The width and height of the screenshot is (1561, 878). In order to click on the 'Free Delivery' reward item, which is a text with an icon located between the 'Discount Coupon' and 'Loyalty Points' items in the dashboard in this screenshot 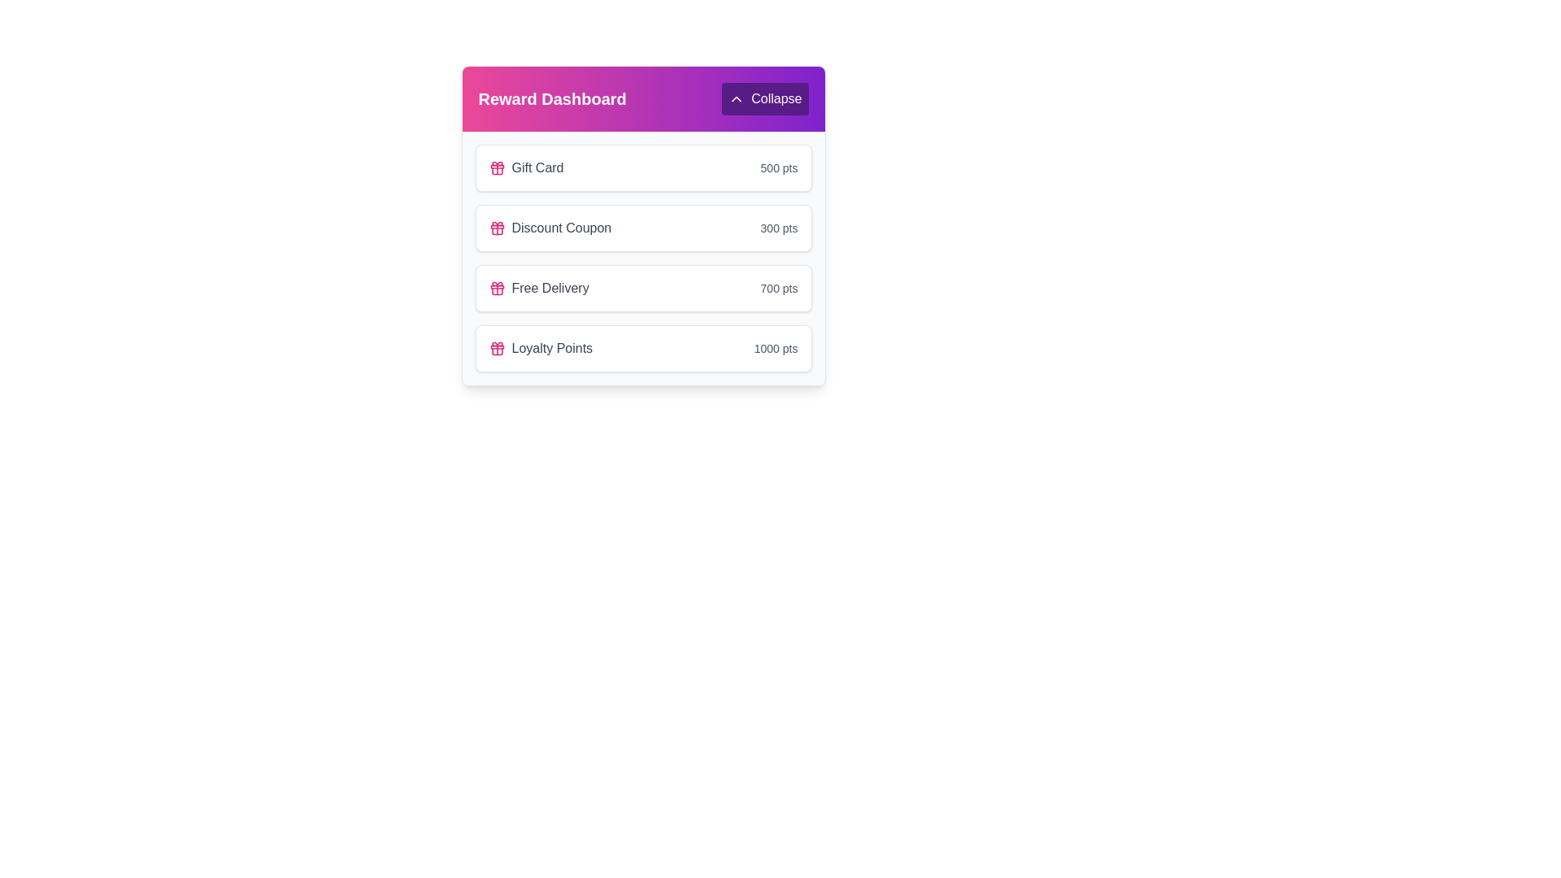, I will do `click(538, 287)`.